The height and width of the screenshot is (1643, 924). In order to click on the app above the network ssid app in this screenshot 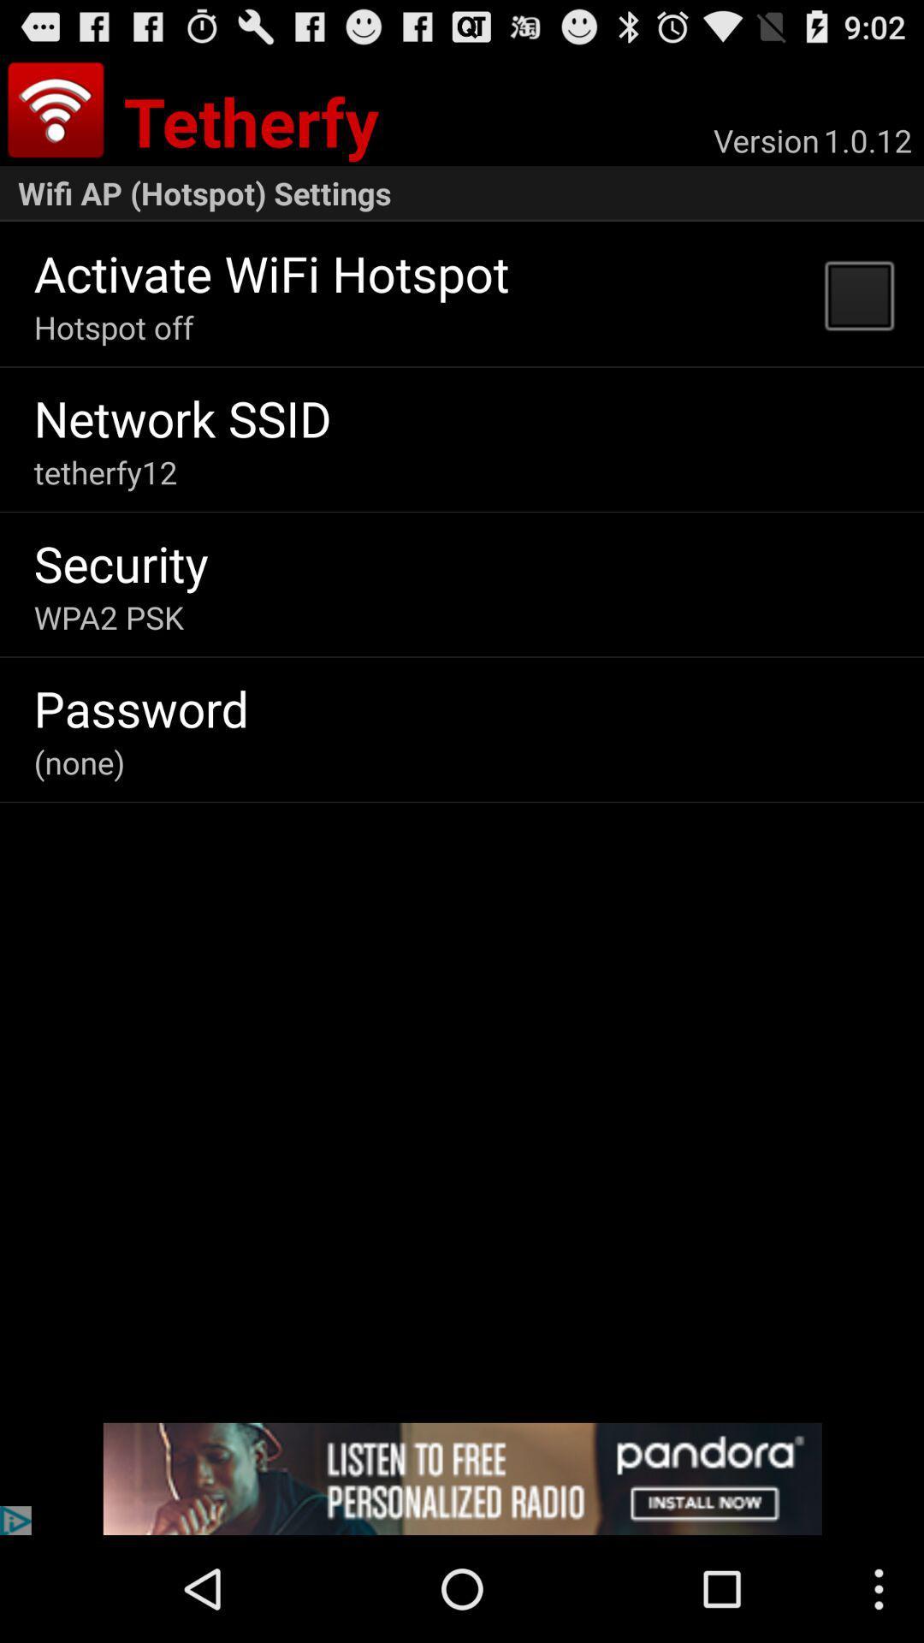, I will do `click(114, 327)`.